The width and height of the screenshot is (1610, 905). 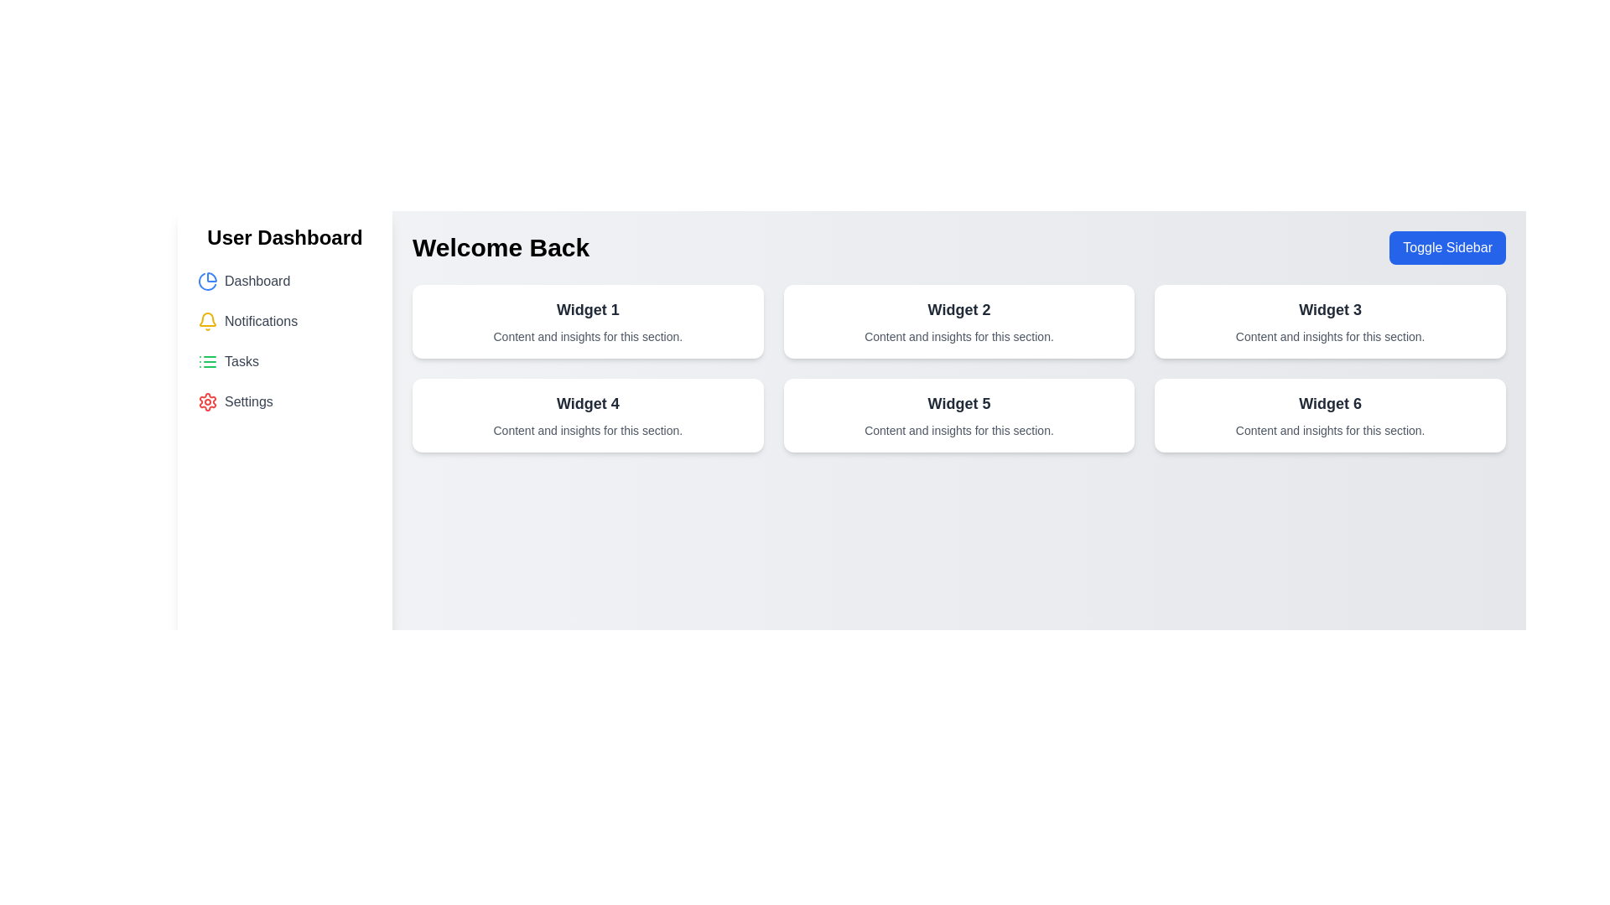 I want to click on the Text Label element, so click(x=958, y=310).